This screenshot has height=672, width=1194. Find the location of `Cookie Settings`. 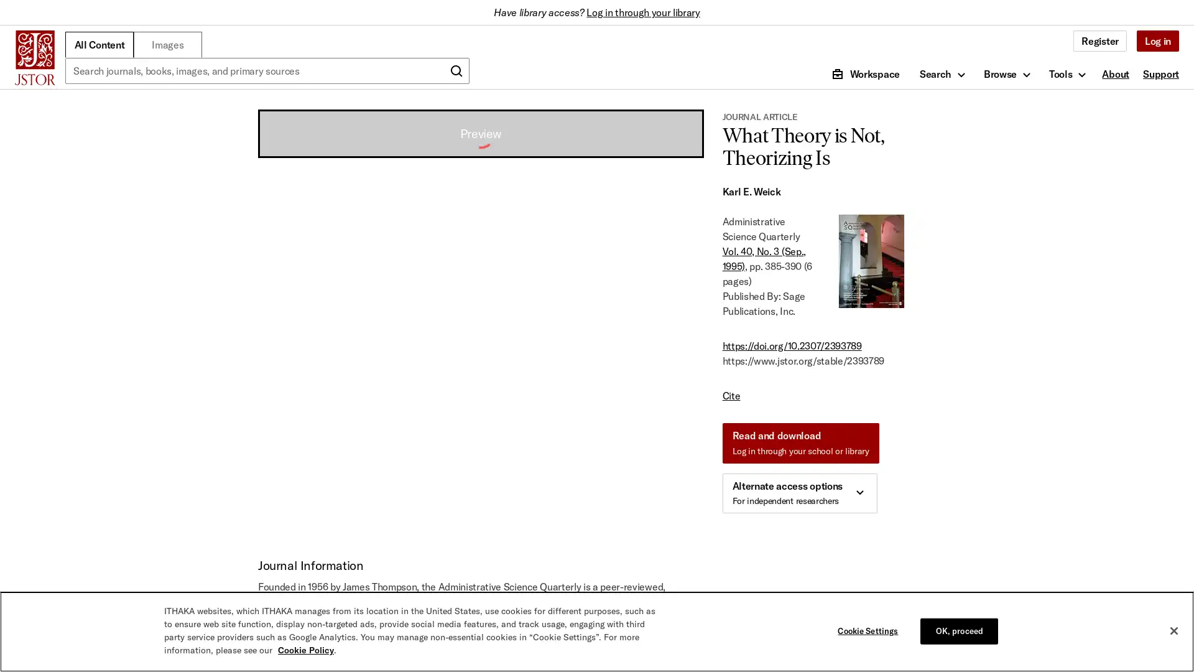

Cookie Settings is located at coordinates (870, 631).